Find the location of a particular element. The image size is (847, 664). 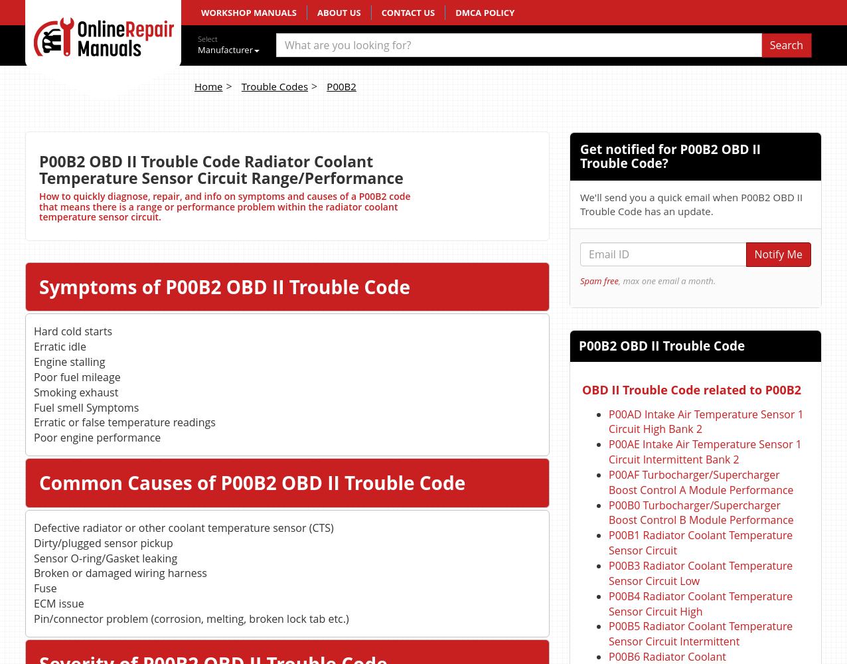

'Select' is located at coordinates (196, 39).